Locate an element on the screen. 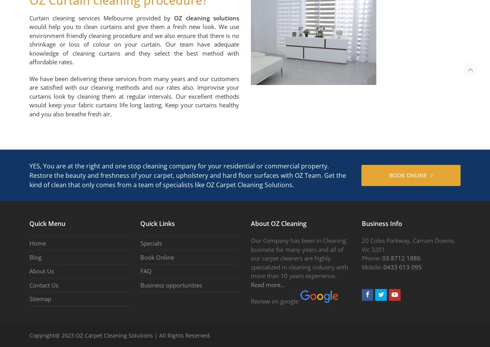  'Home' is located at coordinates (29, 242).